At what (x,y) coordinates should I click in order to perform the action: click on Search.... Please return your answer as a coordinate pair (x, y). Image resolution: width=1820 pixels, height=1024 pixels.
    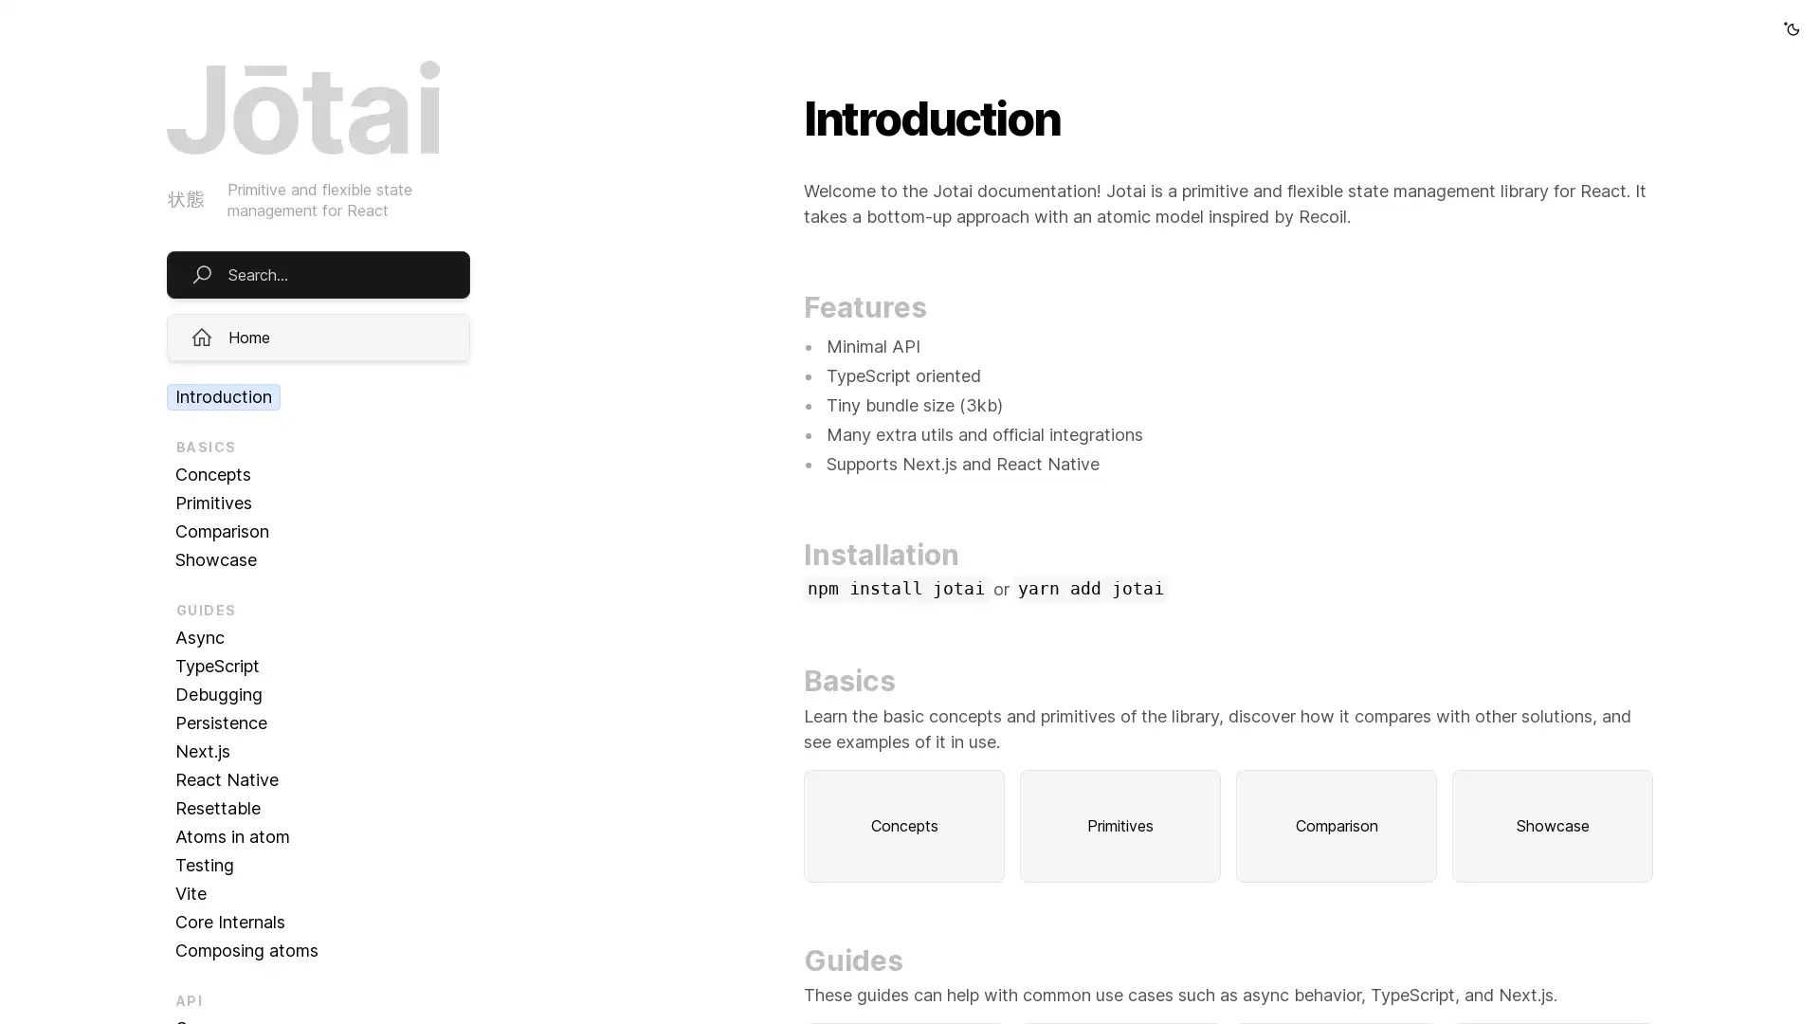
    Looking at the image, I should click on (318, 274).